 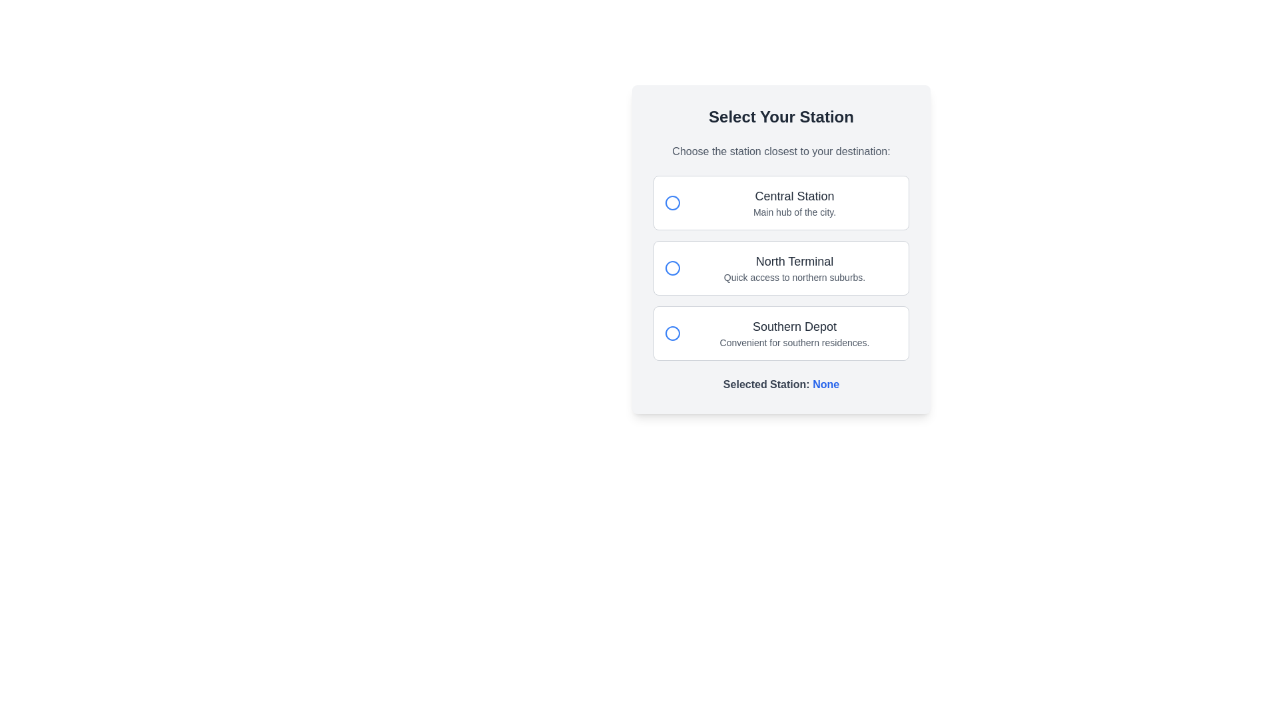 What do you see at coordinates (795, 342) in the screenshot?
I see `the descriptive subtitle text label associated with the 'Southern Depot' selection option` at bounding box center [795, 342].